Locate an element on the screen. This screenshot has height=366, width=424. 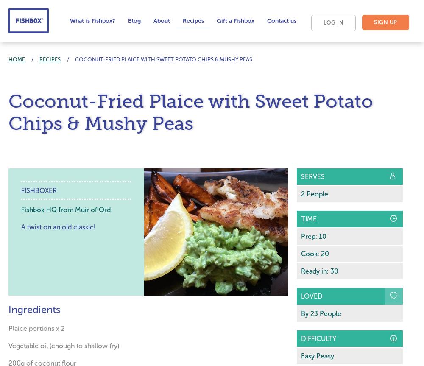
'A twist on an old classic!' is located at coordinates (58, 227).